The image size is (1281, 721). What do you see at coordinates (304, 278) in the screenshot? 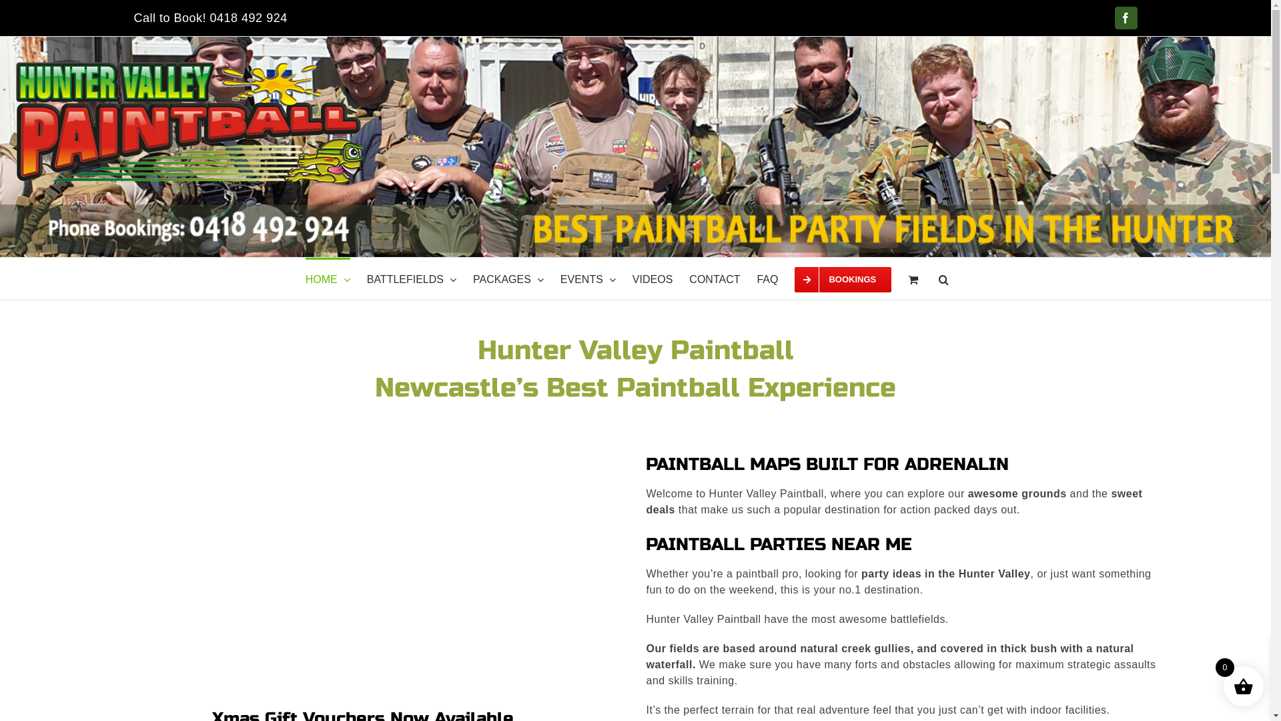
I see `'HOME'` at bounding box center [304, 278].